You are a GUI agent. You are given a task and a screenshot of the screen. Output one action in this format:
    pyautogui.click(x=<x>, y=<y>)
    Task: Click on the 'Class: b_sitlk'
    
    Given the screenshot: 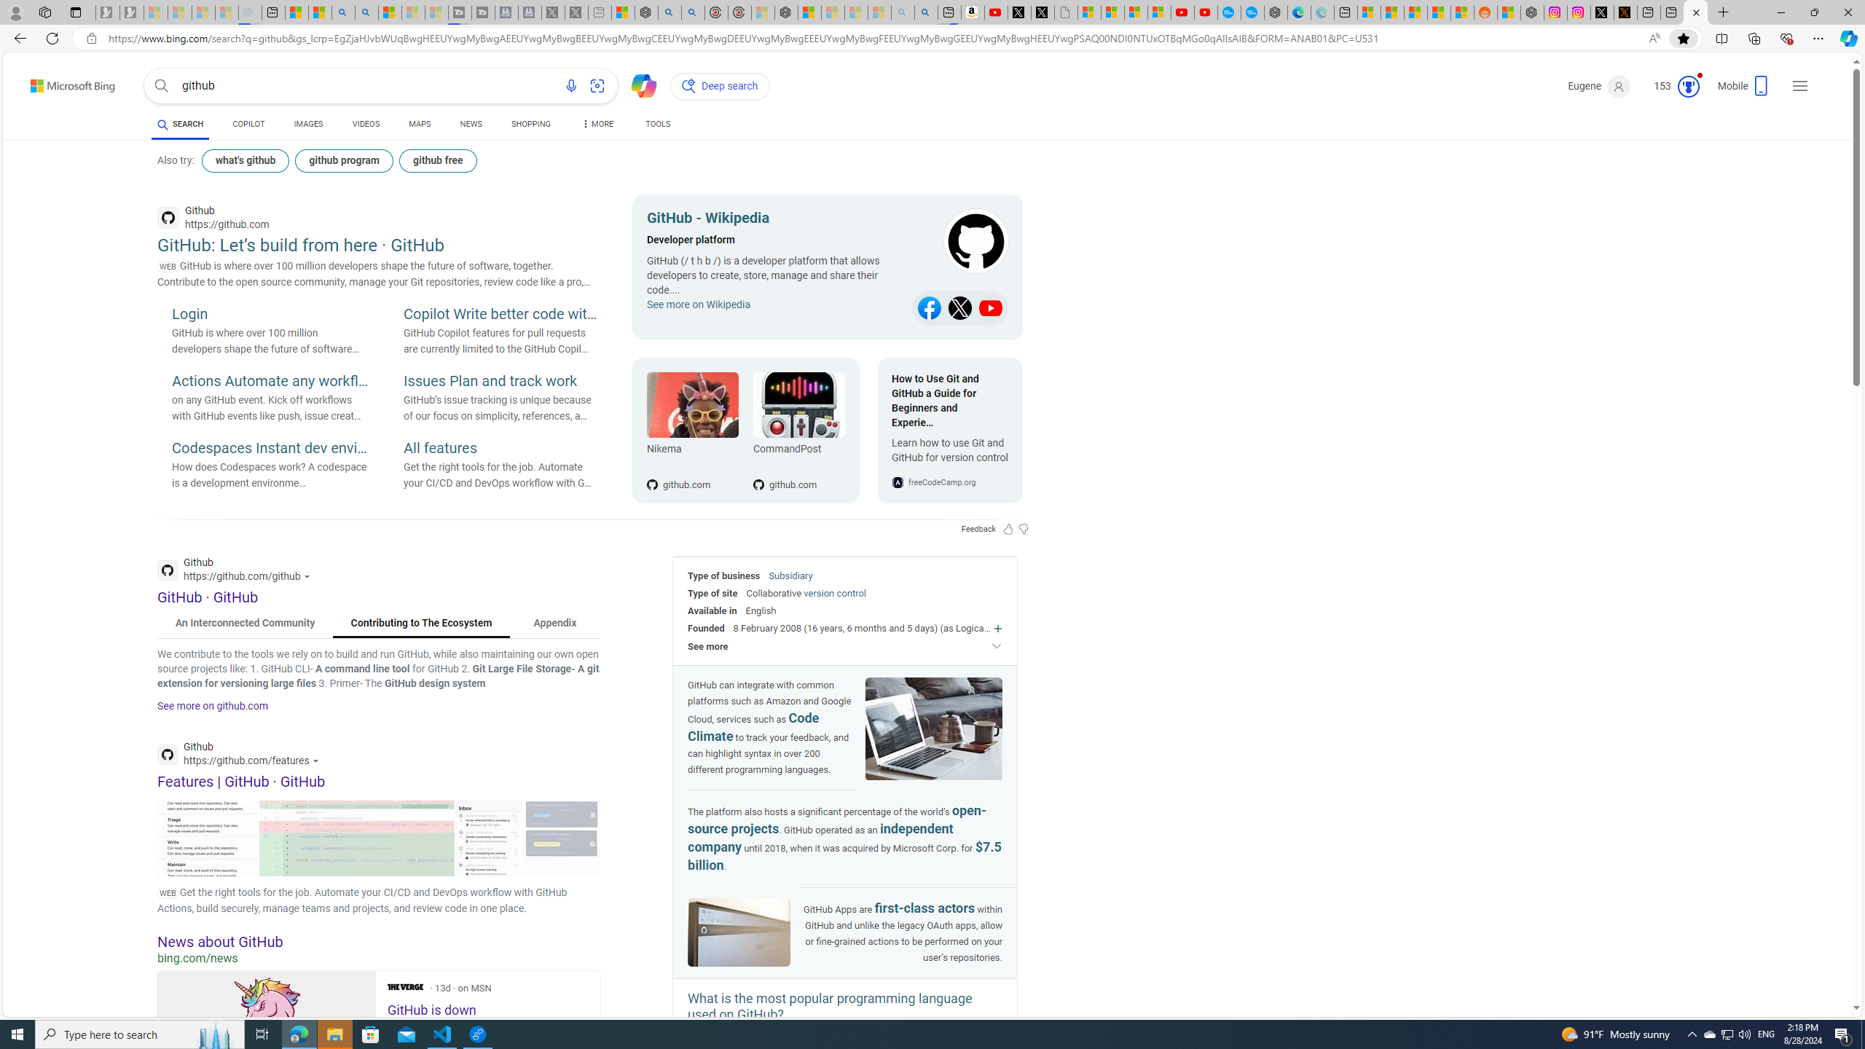 What is the action you would take?
    pyautogui.click(x=991, y=307)
    